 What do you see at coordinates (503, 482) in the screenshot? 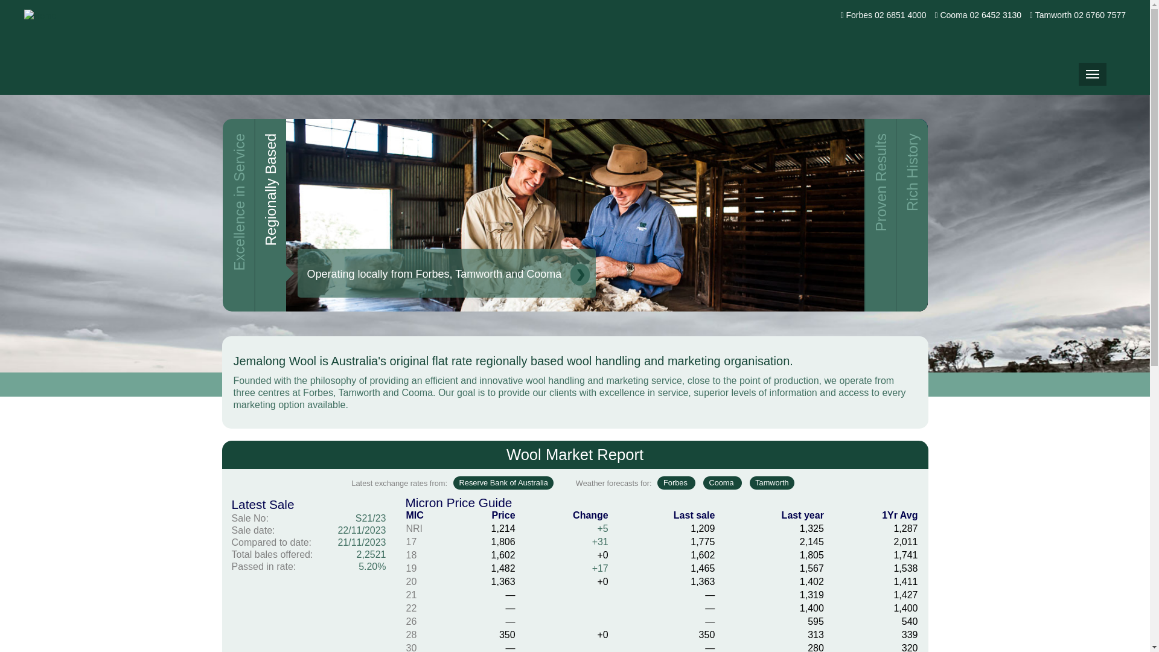
I see `'Reserve Bank of Australia'` at bounding box center [503, 482].